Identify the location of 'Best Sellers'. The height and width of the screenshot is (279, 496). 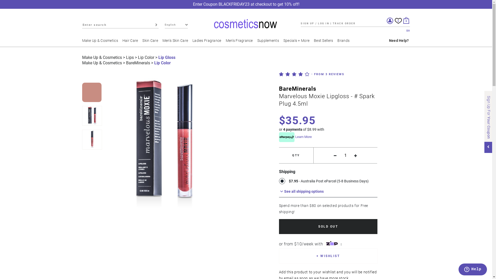
(324, 42).